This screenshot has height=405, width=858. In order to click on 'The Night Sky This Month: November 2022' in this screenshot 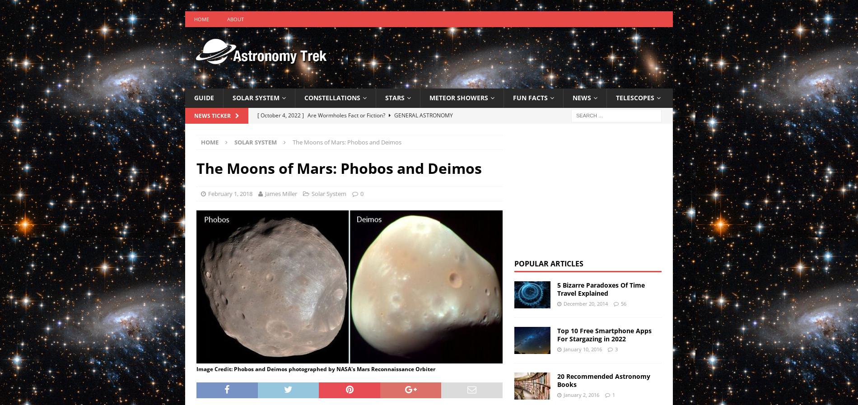, I will do `click(367, 191)`.